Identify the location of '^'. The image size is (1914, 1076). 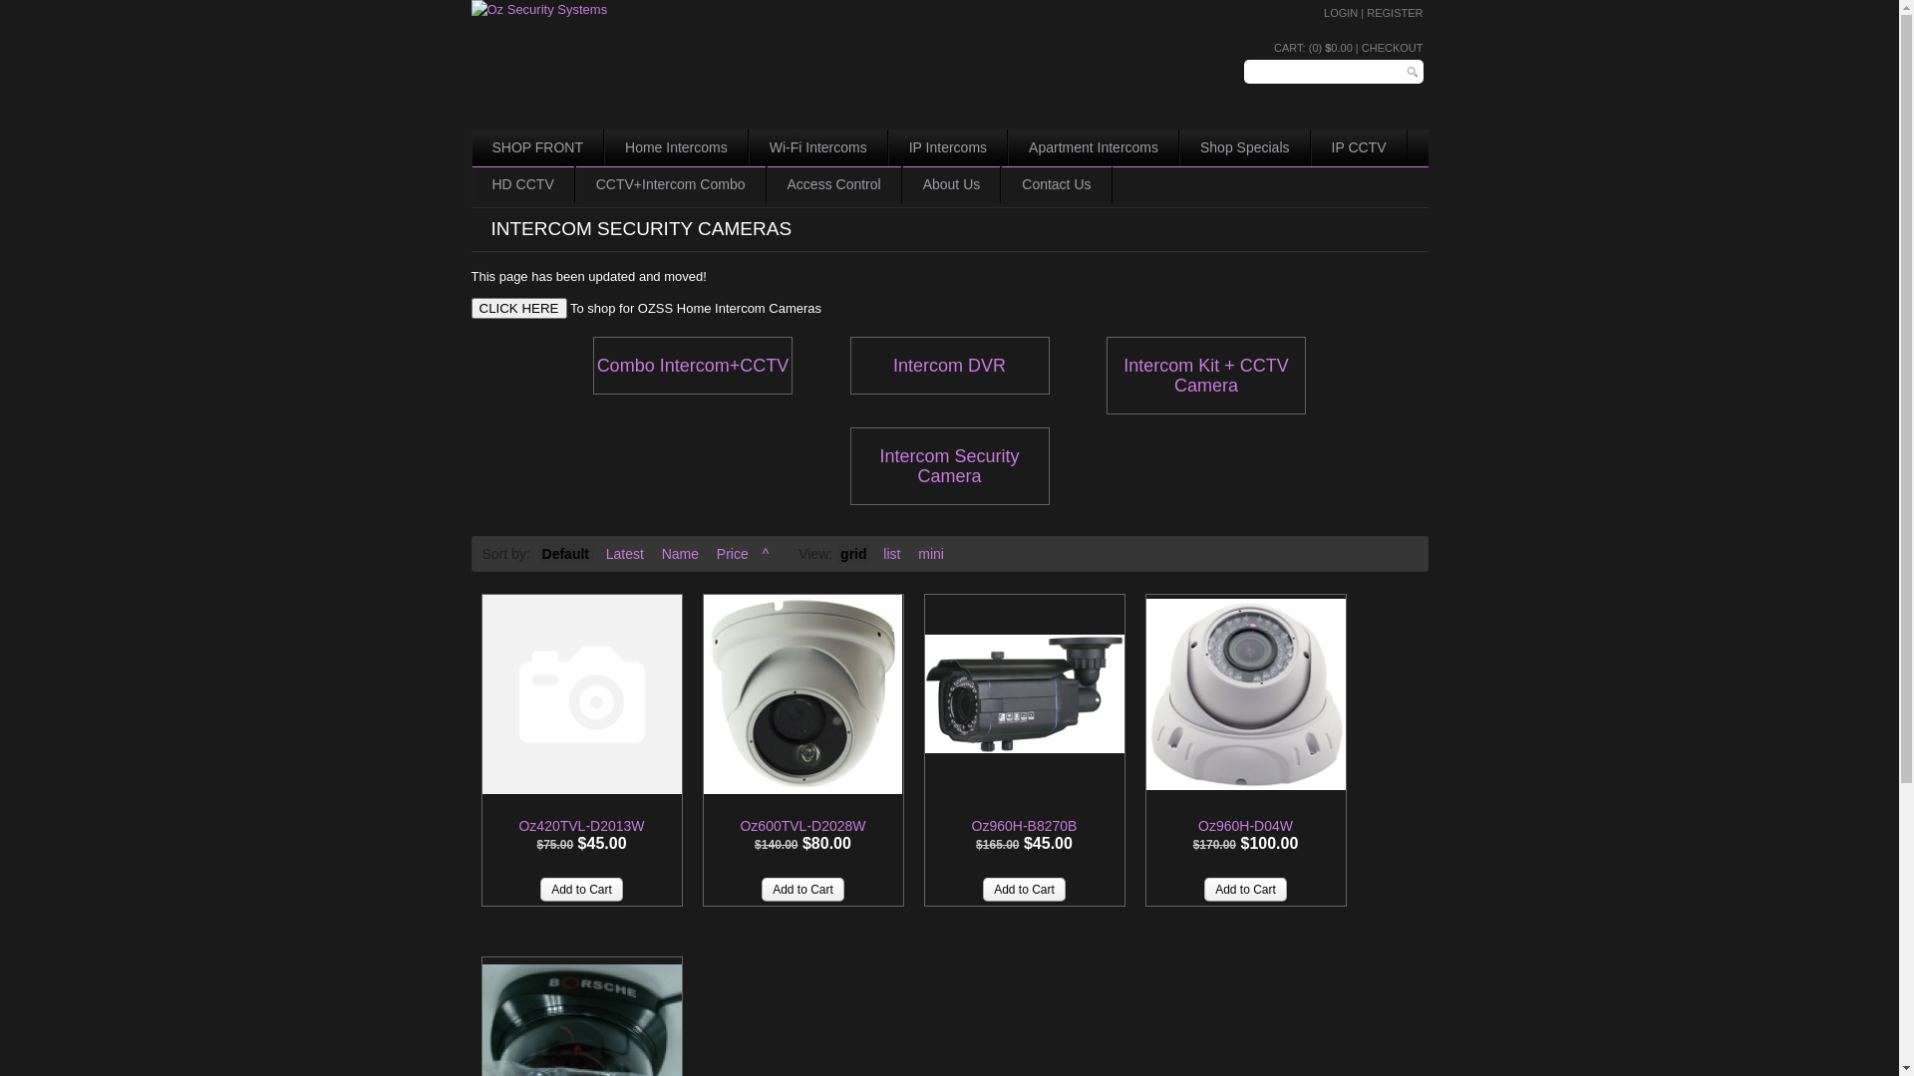
(765, 553).